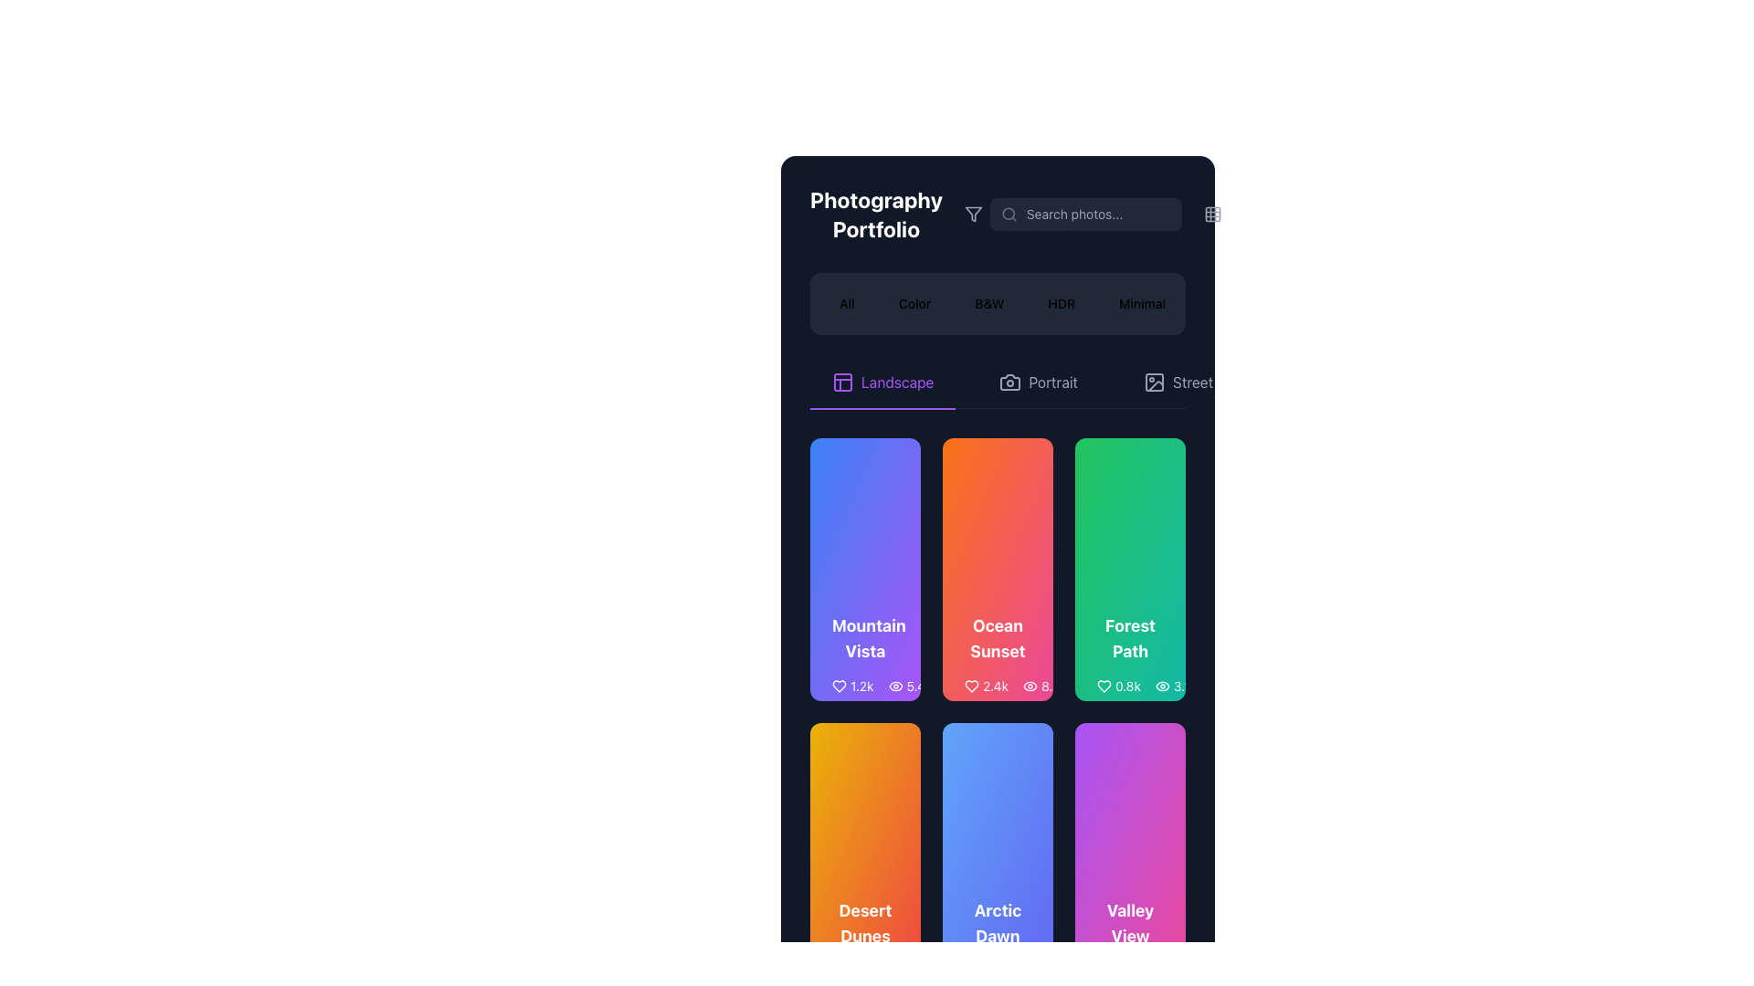 The image size is (1754, 986). What do you see at coordinates (864, 923) in the screenshot?
I see `the text label displaying 'Desert Dunes' which is prominently styled in white bold font on a gradient orange background, located at the bottom-left of the interface` at bounding box center [864, 923].